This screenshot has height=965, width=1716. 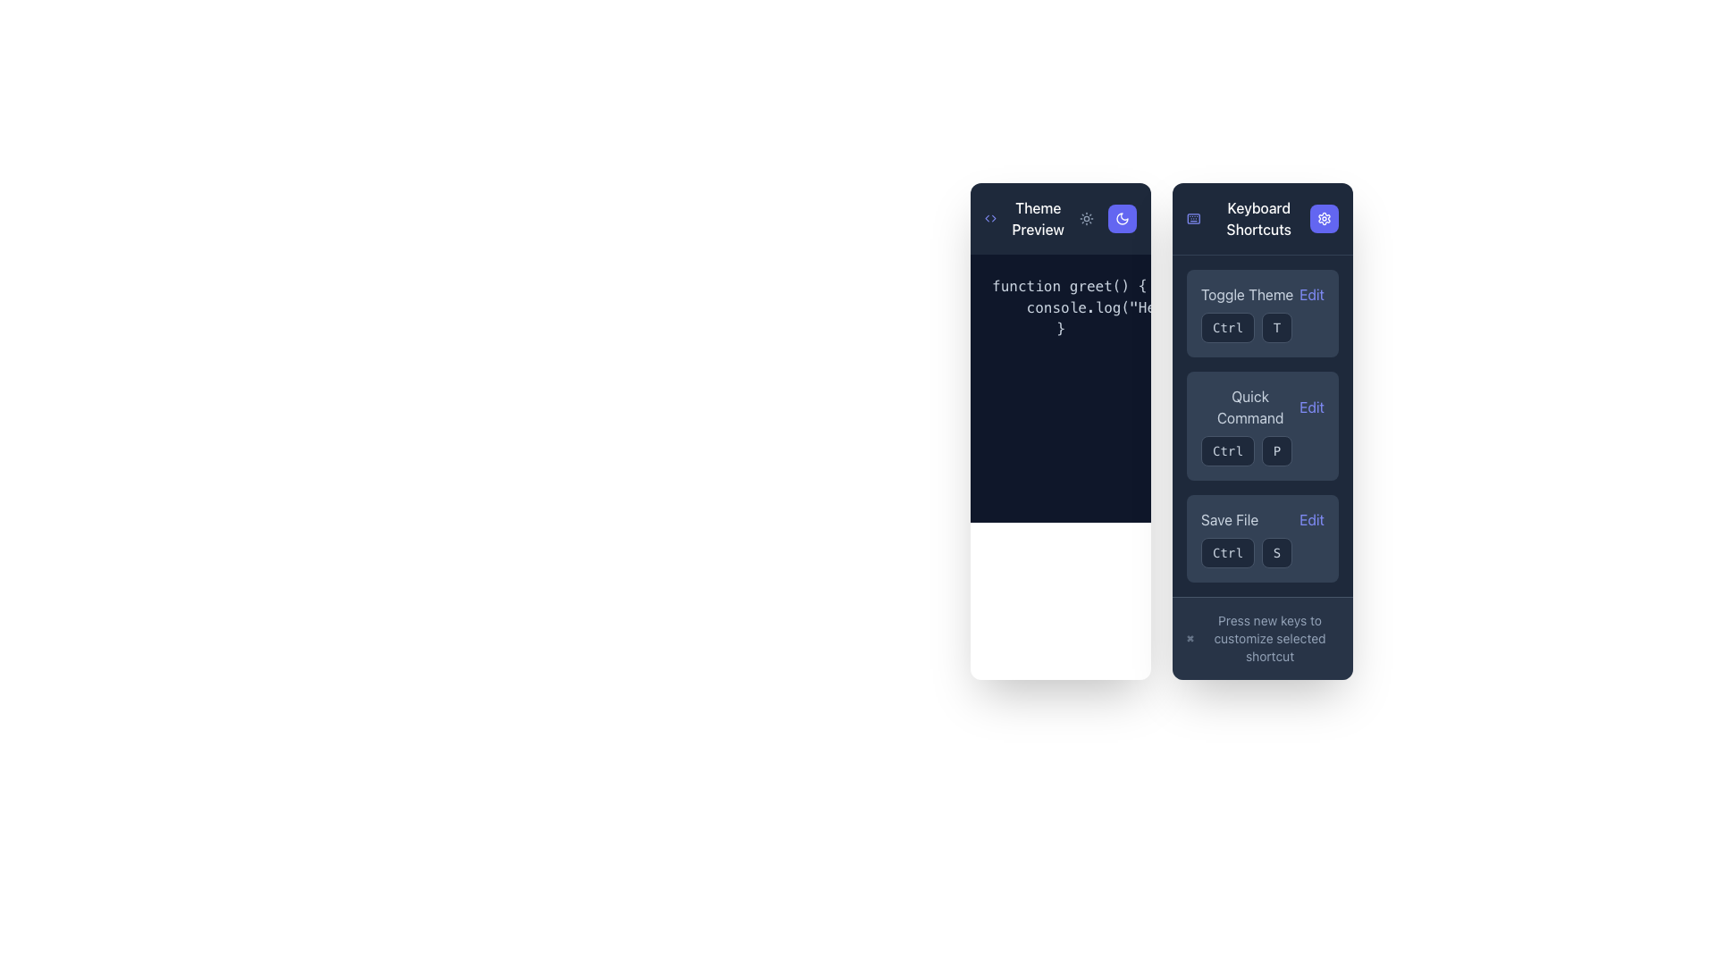 What do you see at coordinates (1261, 537) in the screenshot?
I see `the Key indicator button labeled 'S', which is a button-like UI component with a dark background, rounded rectangular shape, and outlined border, located under the 'Save File Edit' section in the keyboard shortcuts panel` at bounding box center [1261, 537].